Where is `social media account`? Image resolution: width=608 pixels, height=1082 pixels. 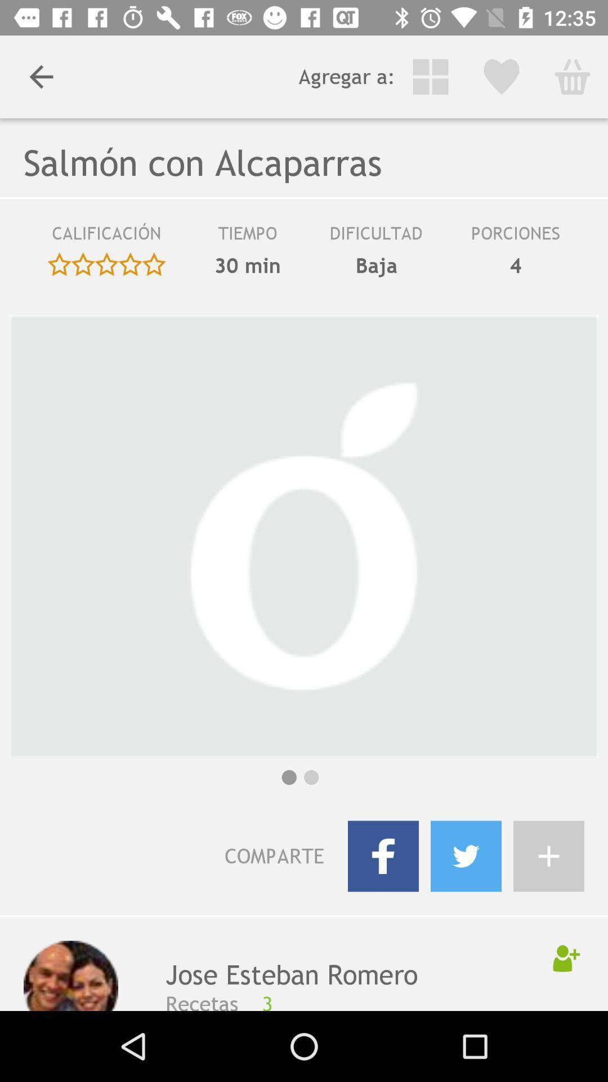 social media account is located at coordinates (548, 856).